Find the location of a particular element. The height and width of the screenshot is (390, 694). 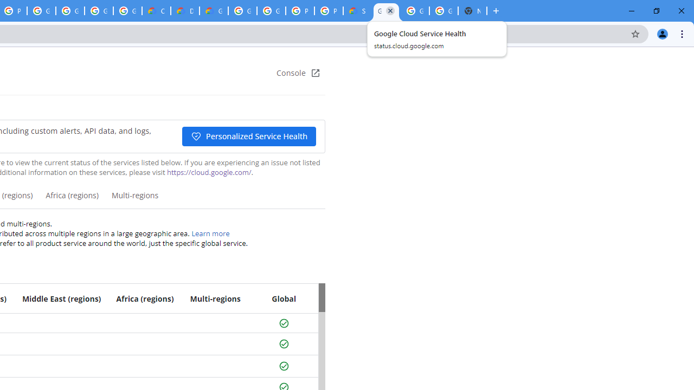

'Customer Care | Google Cloud' is located at coordinates (156, 11).